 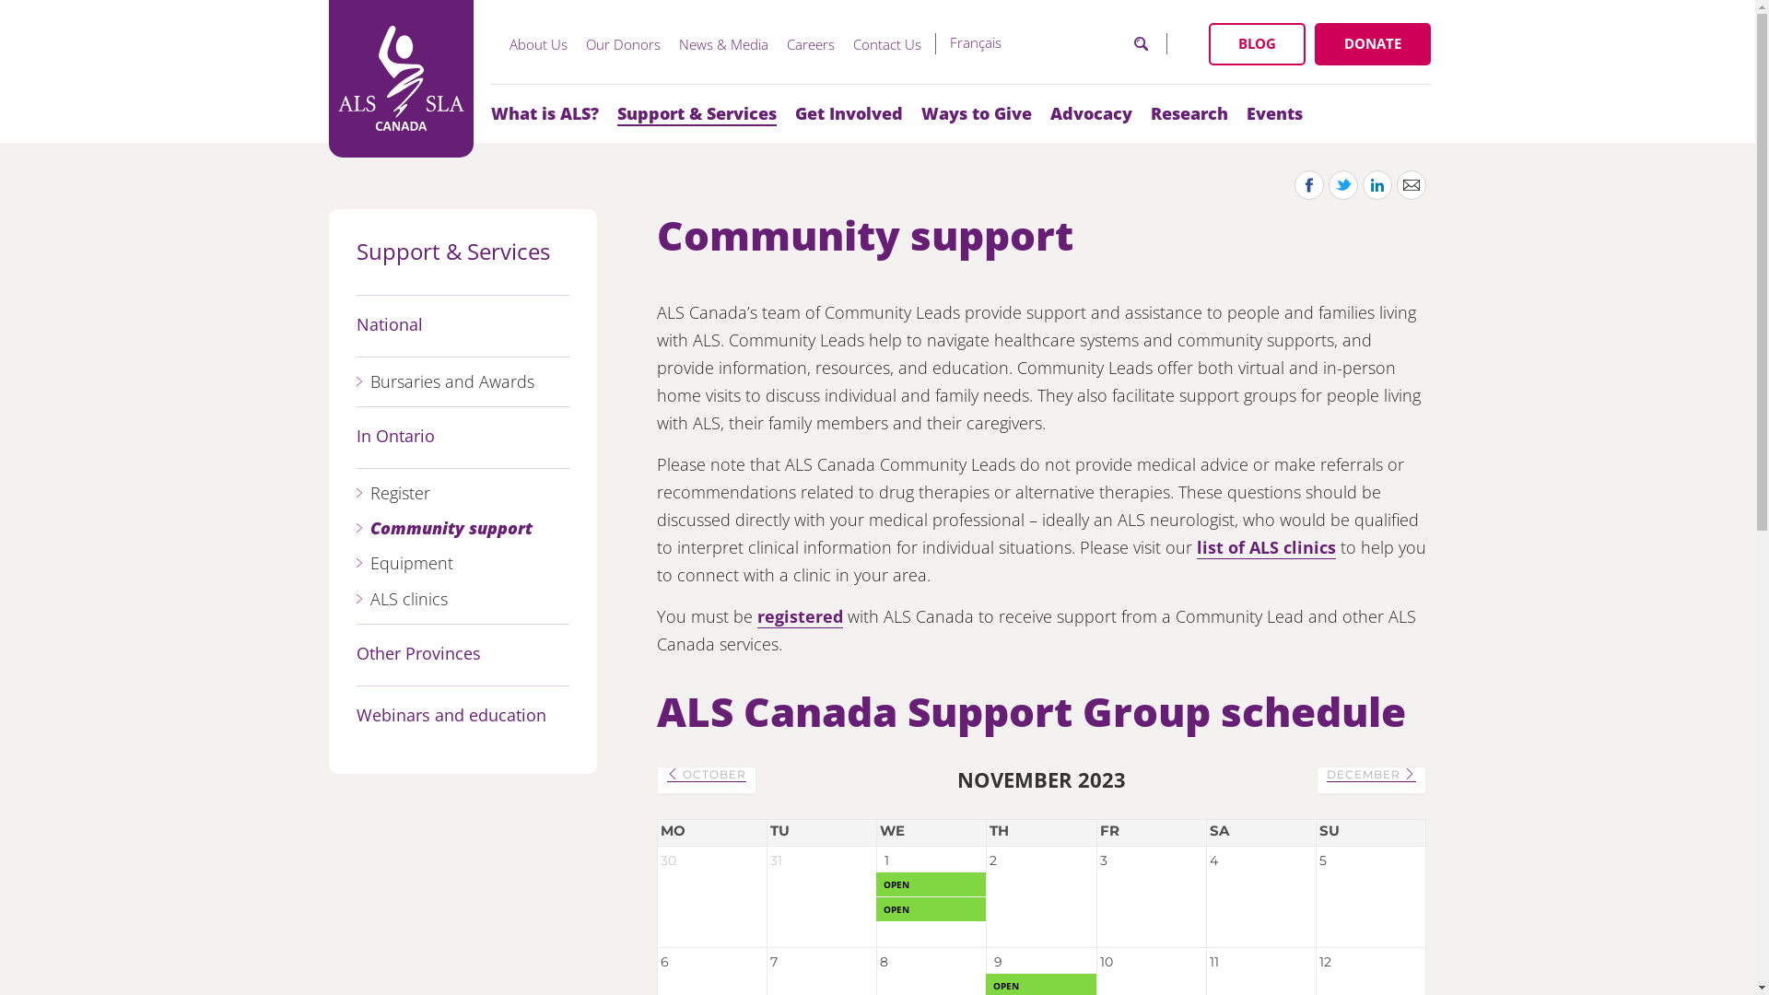 What do you see at coordinates (543, 113) in the screenshot?
I see `'What is ALS?'` at bounding box center [543, 113].